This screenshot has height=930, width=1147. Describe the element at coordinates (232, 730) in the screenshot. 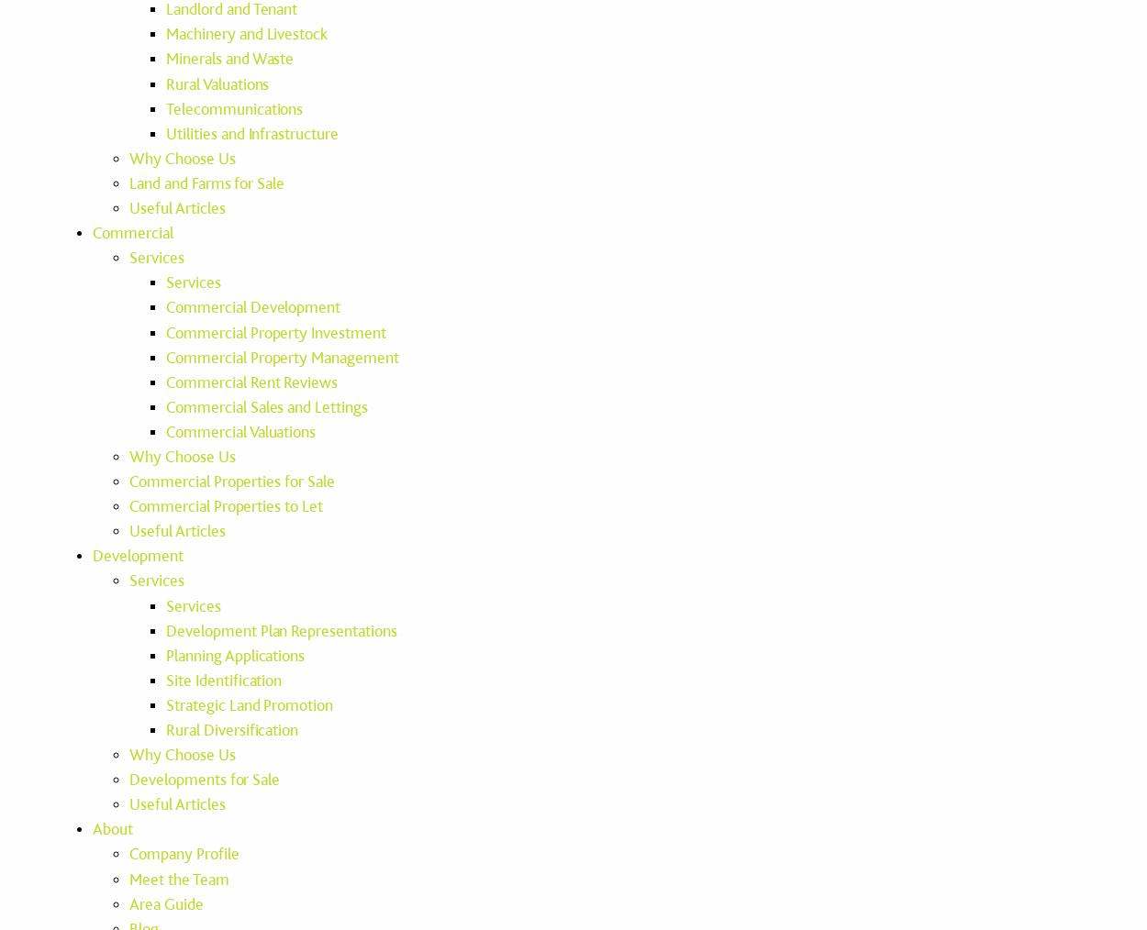

I see `'Rural Diversification'` at that location.